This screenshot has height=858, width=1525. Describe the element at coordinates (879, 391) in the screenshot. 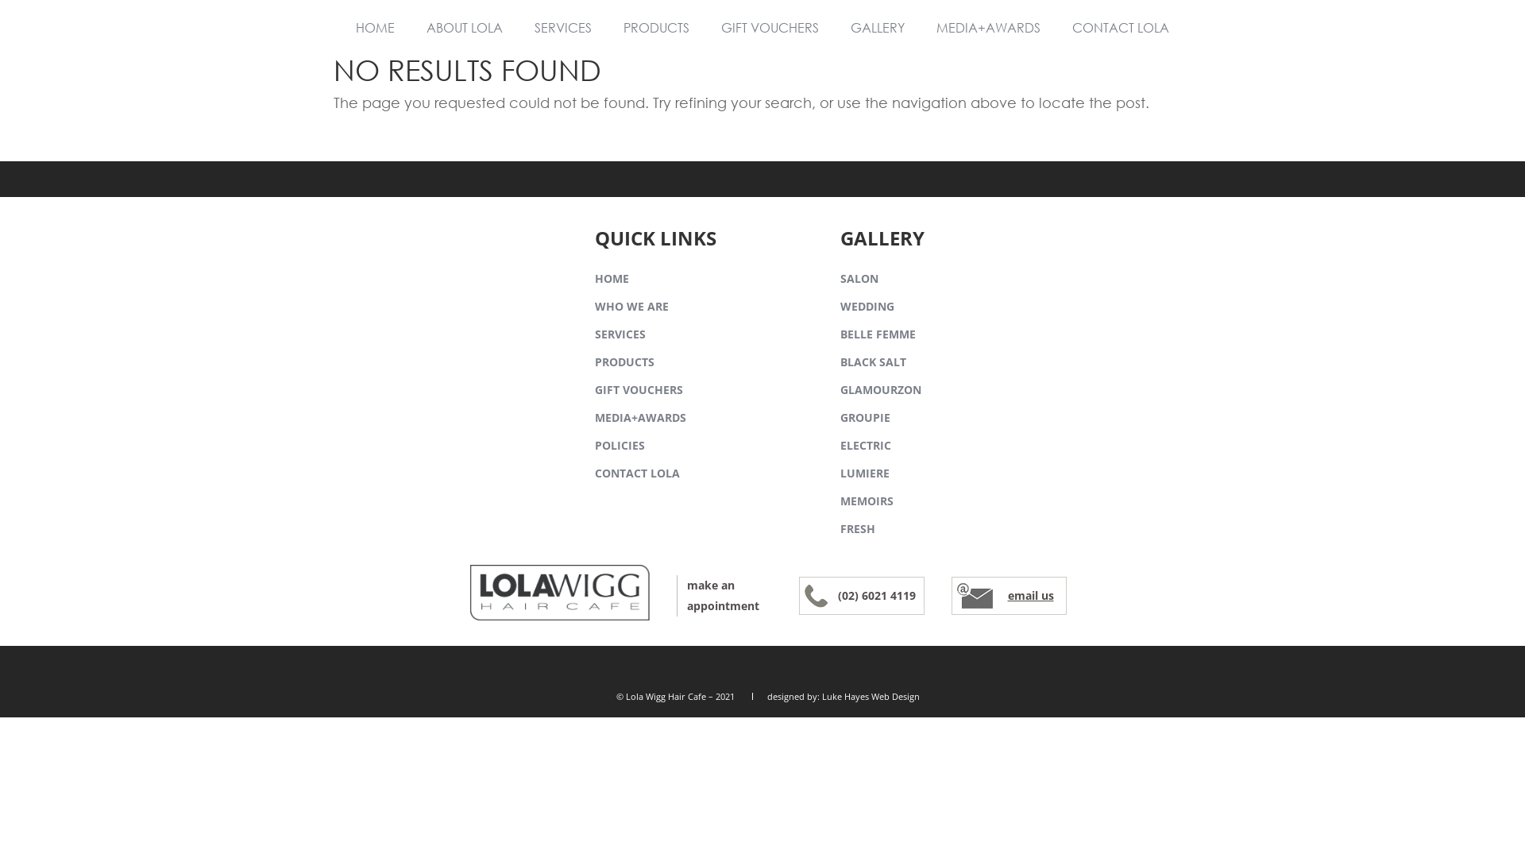

I see `'GLAMOURZON'` at that location.